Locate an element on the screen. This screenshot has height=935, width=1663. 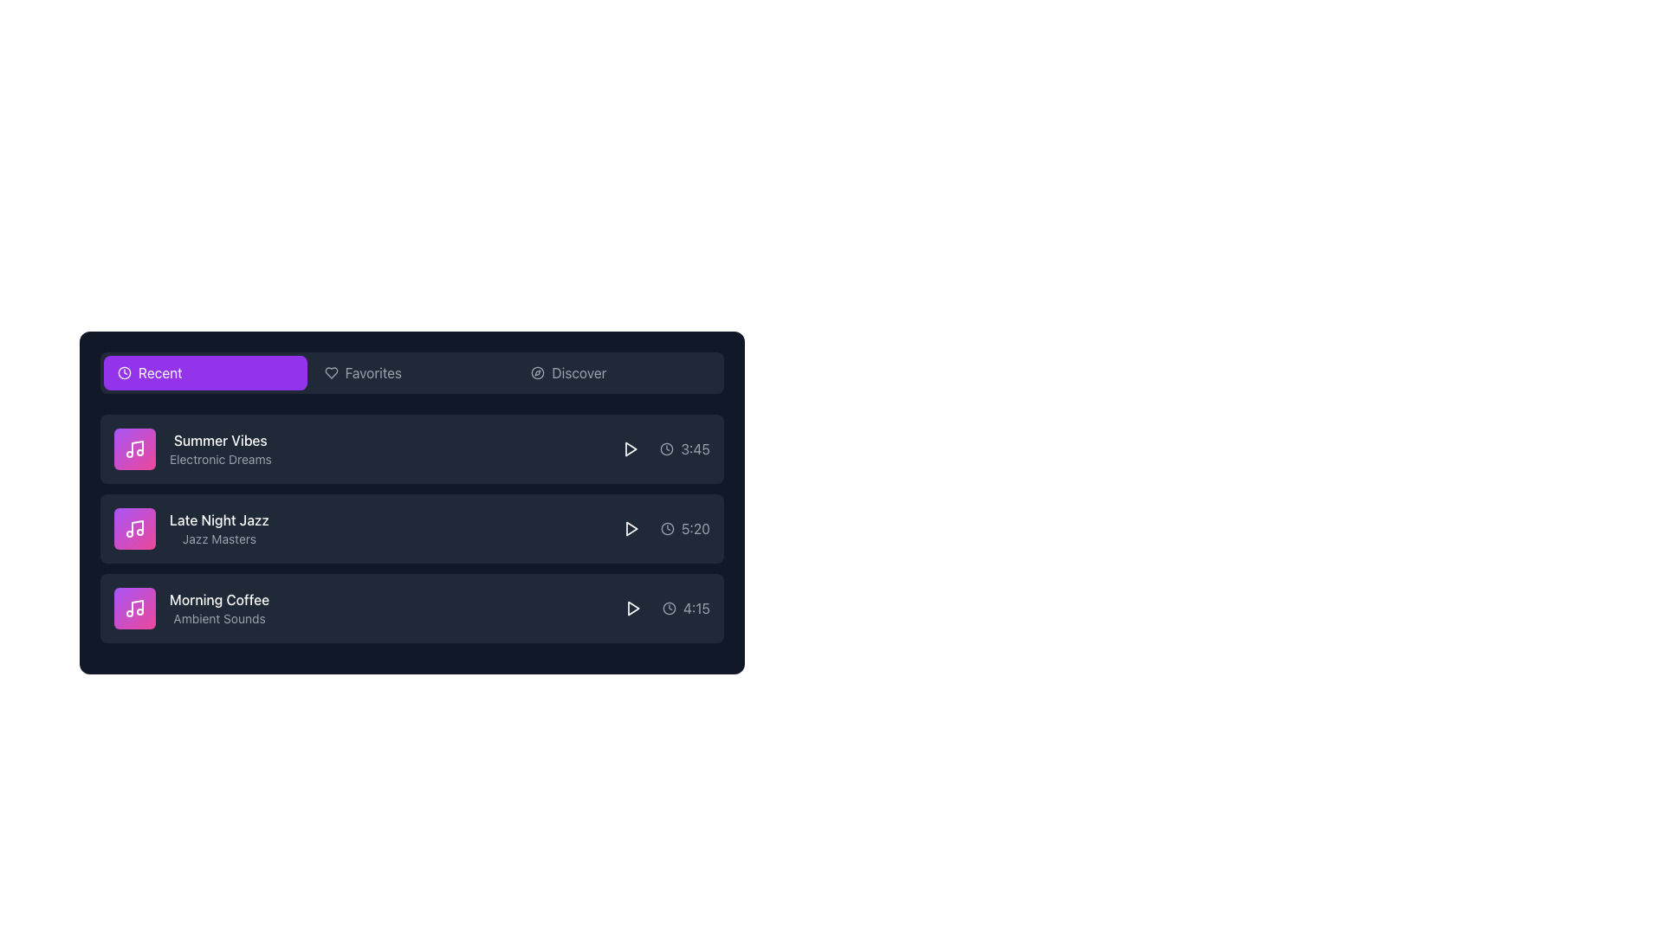
the clock indicator graphical element of the 'Late Night Jazz' track, which is positioned to the left of the play button in the second row of the list is located at coordinates (666, 527).